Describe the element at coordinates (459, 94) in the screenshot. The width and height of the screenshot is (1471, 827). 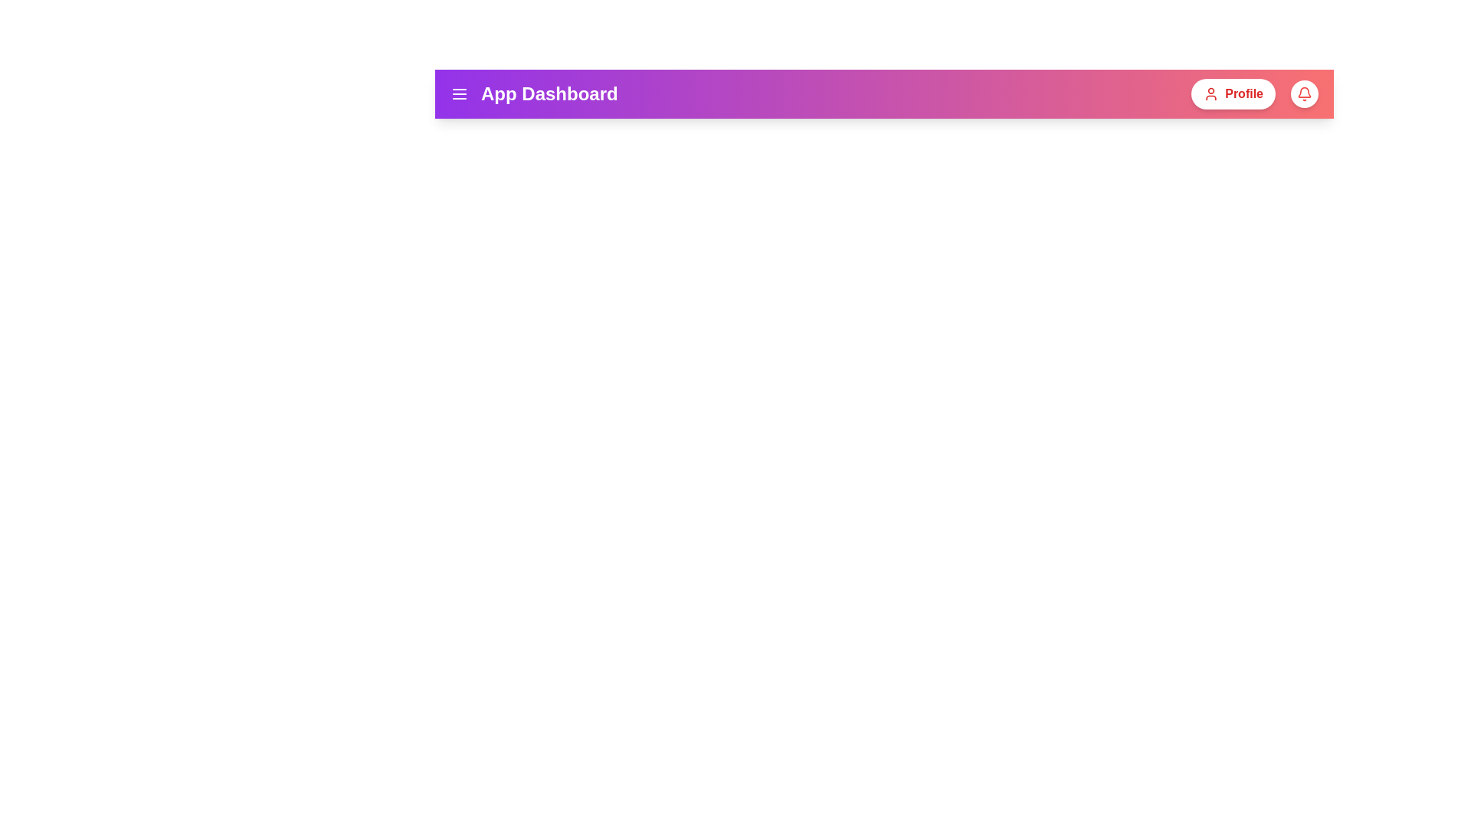
I see `the menu button to expand the menu` at that location.